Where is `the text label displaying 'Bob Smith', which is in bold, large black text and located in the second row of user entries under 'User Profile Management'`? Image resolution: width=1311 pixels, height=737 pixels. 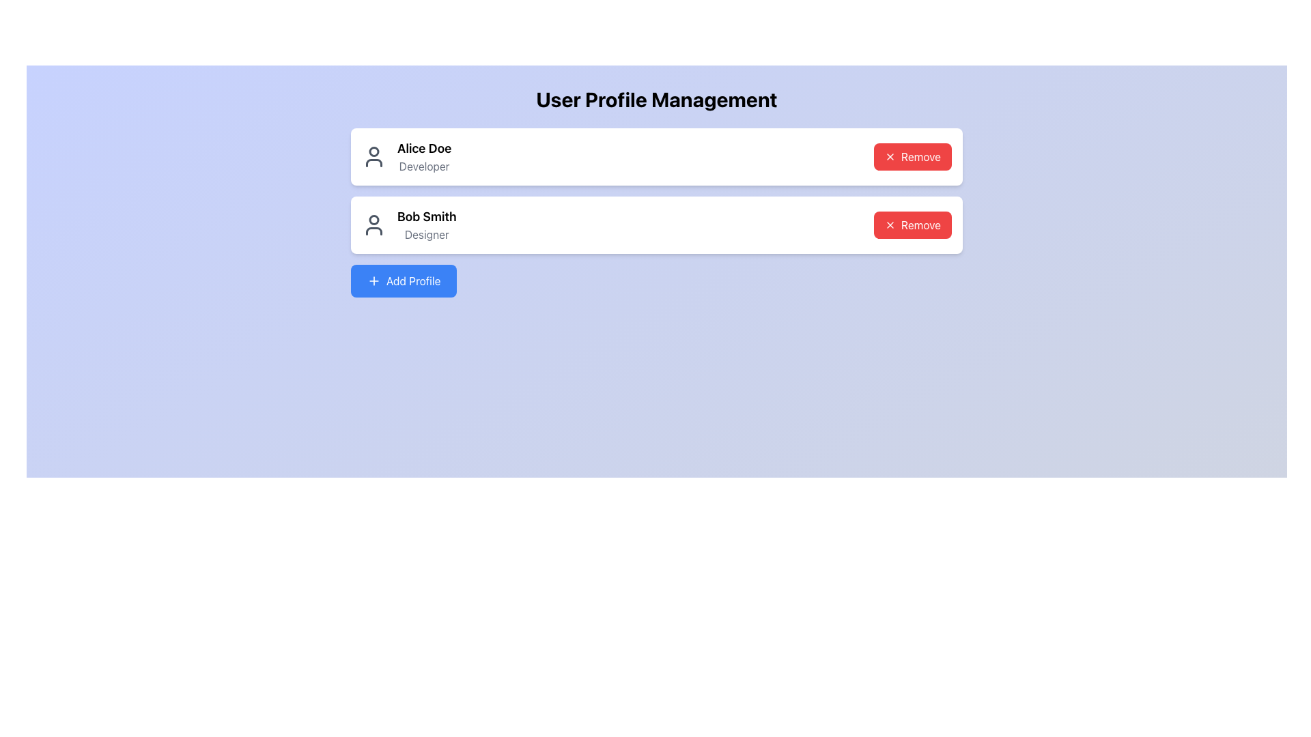 the text label displaying 'Bob Smith', which is in bold, large black text and located in the second row of user entries under 'User Profile Management' is located at coordinates (426, 225).